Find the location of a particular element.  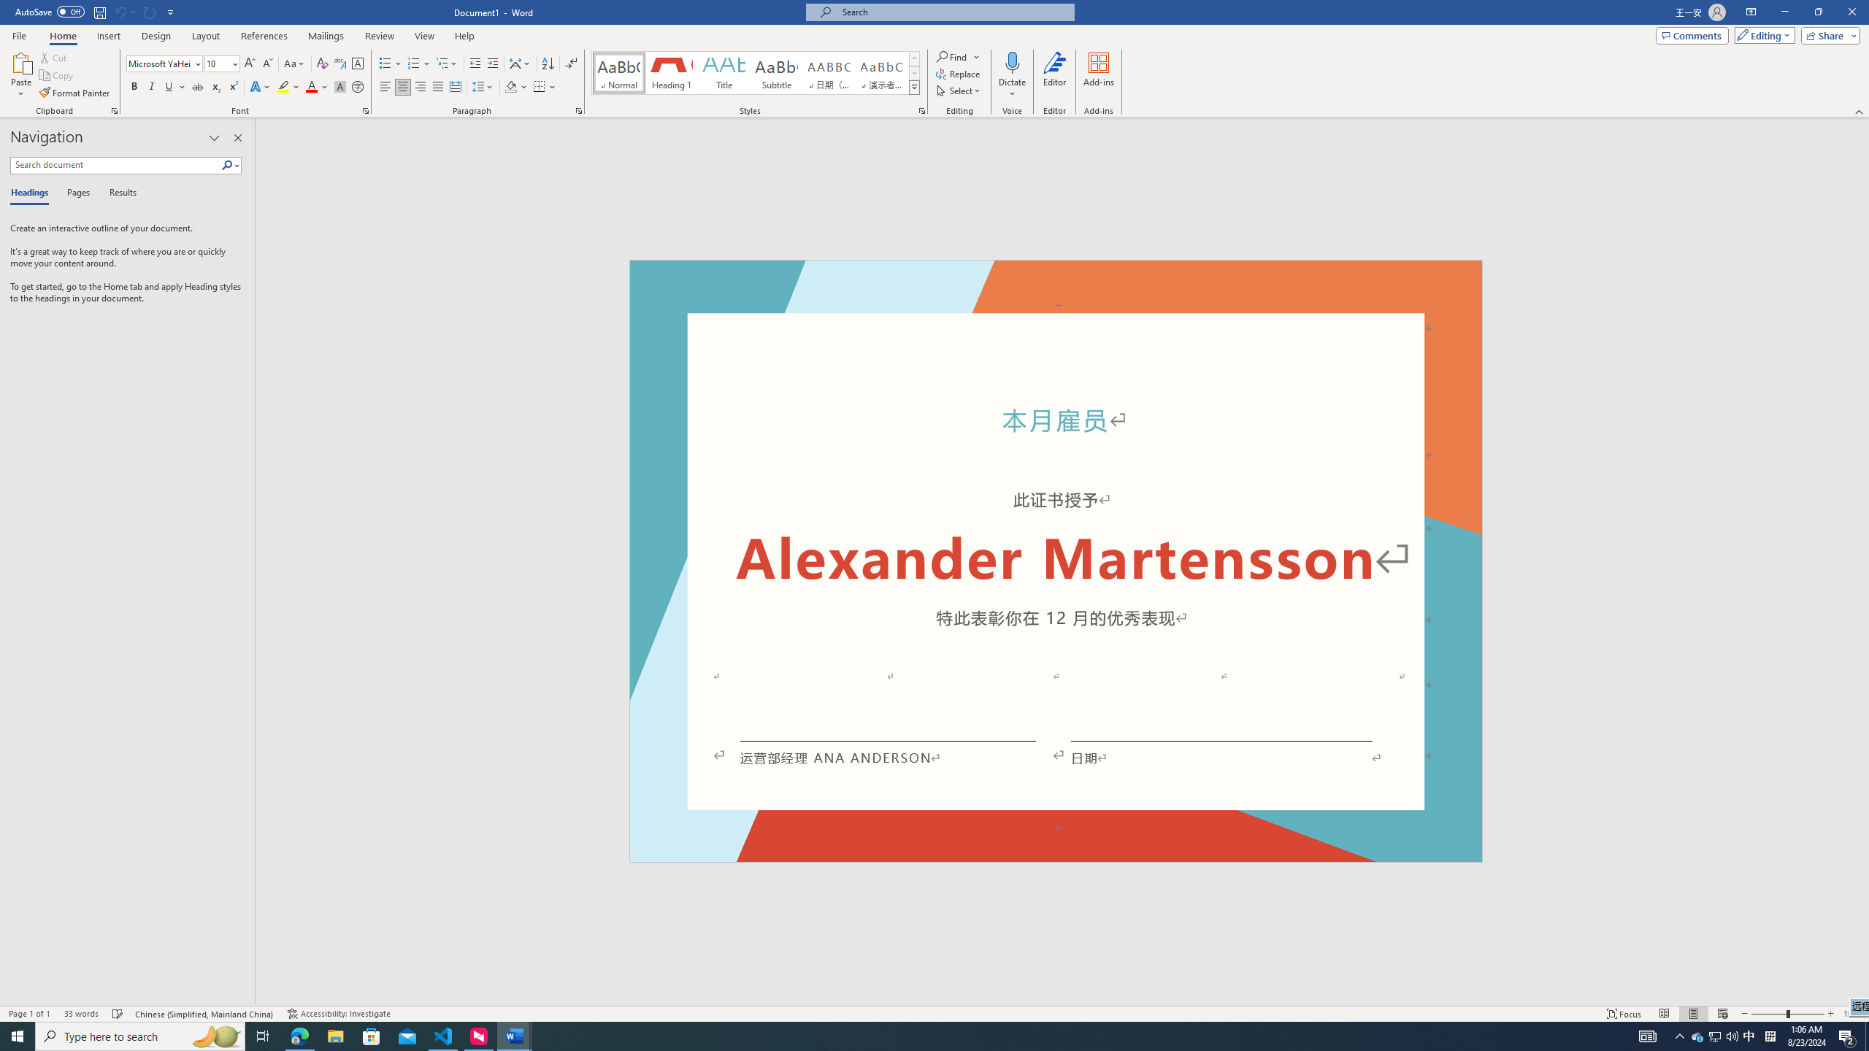

'Font Color Red' is located at coordinates (310, 86).